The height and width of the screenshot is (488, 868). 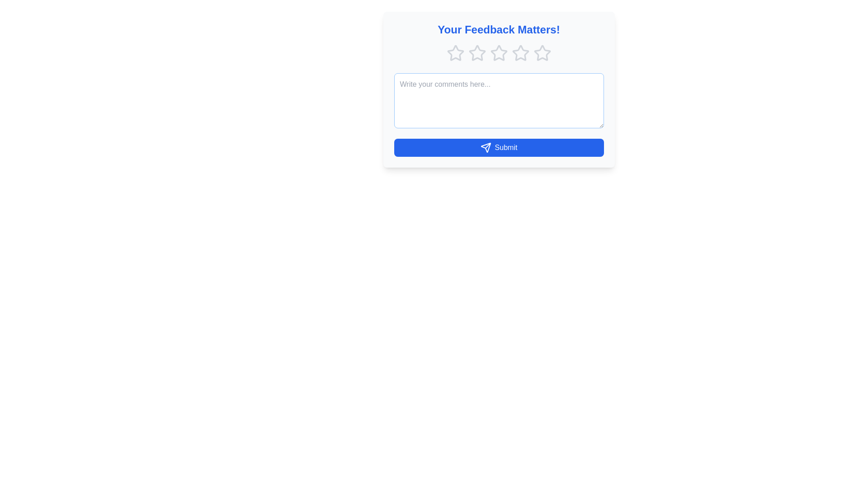 I want to click on the star in the Rating component, so click(x=498, y=53).